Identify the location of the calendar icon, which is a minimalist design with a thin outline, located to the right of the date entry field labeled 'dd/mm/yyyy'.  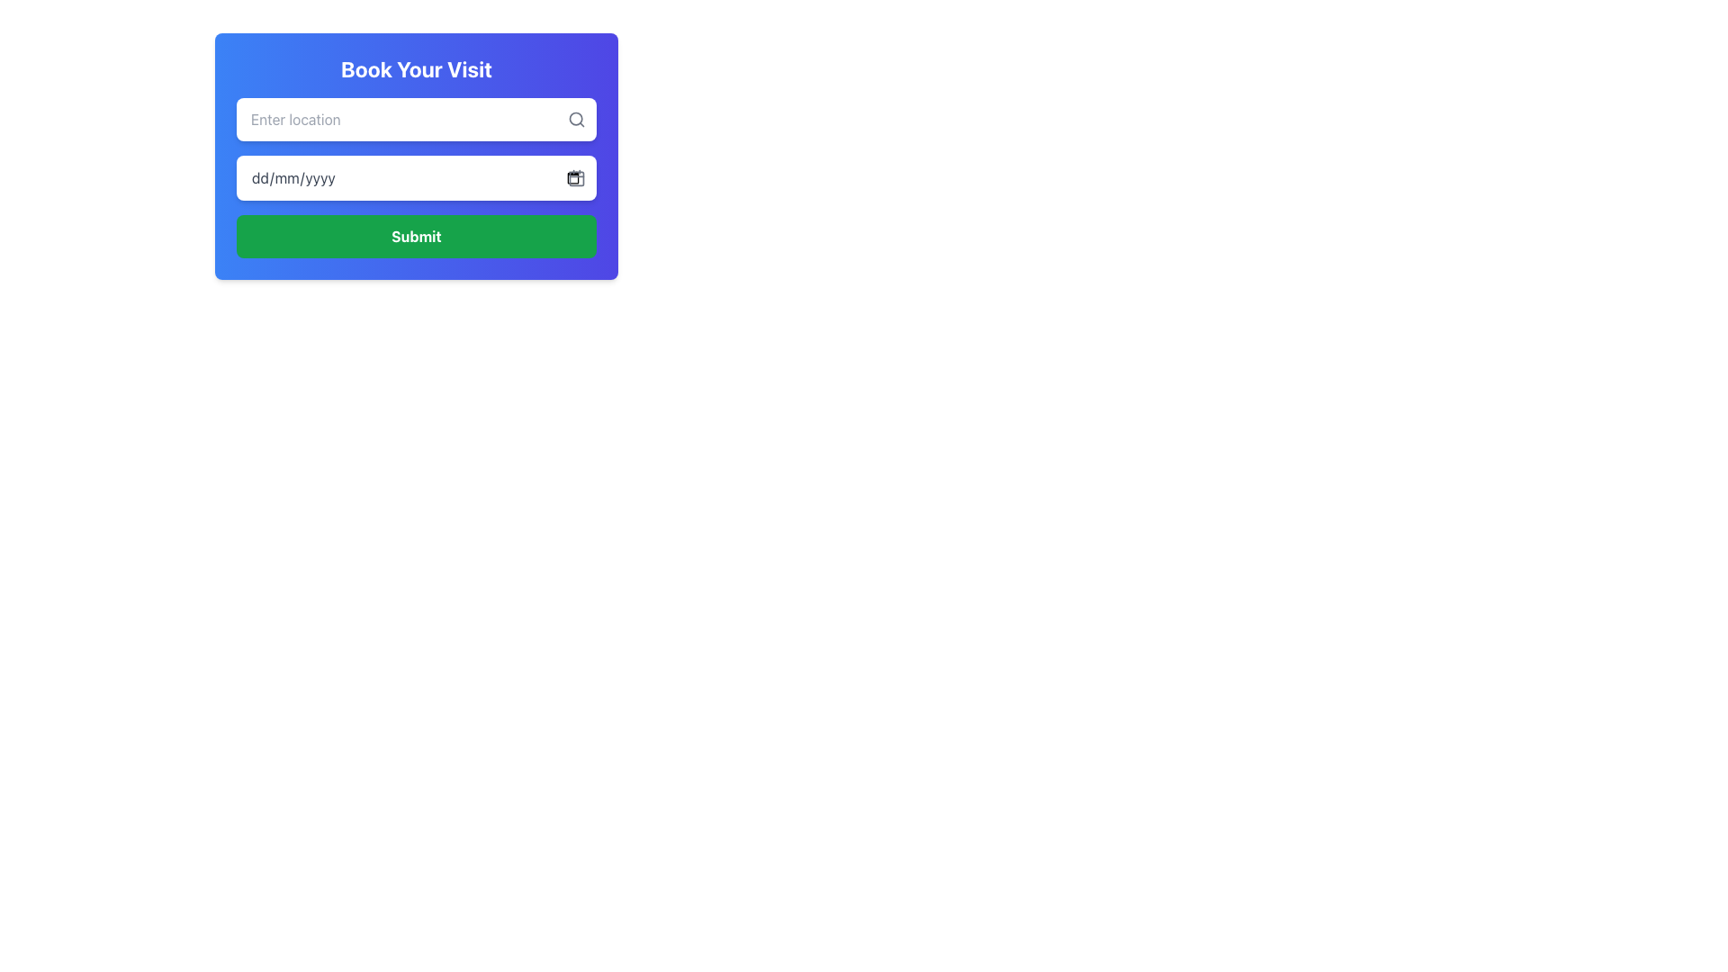
(577, 177).